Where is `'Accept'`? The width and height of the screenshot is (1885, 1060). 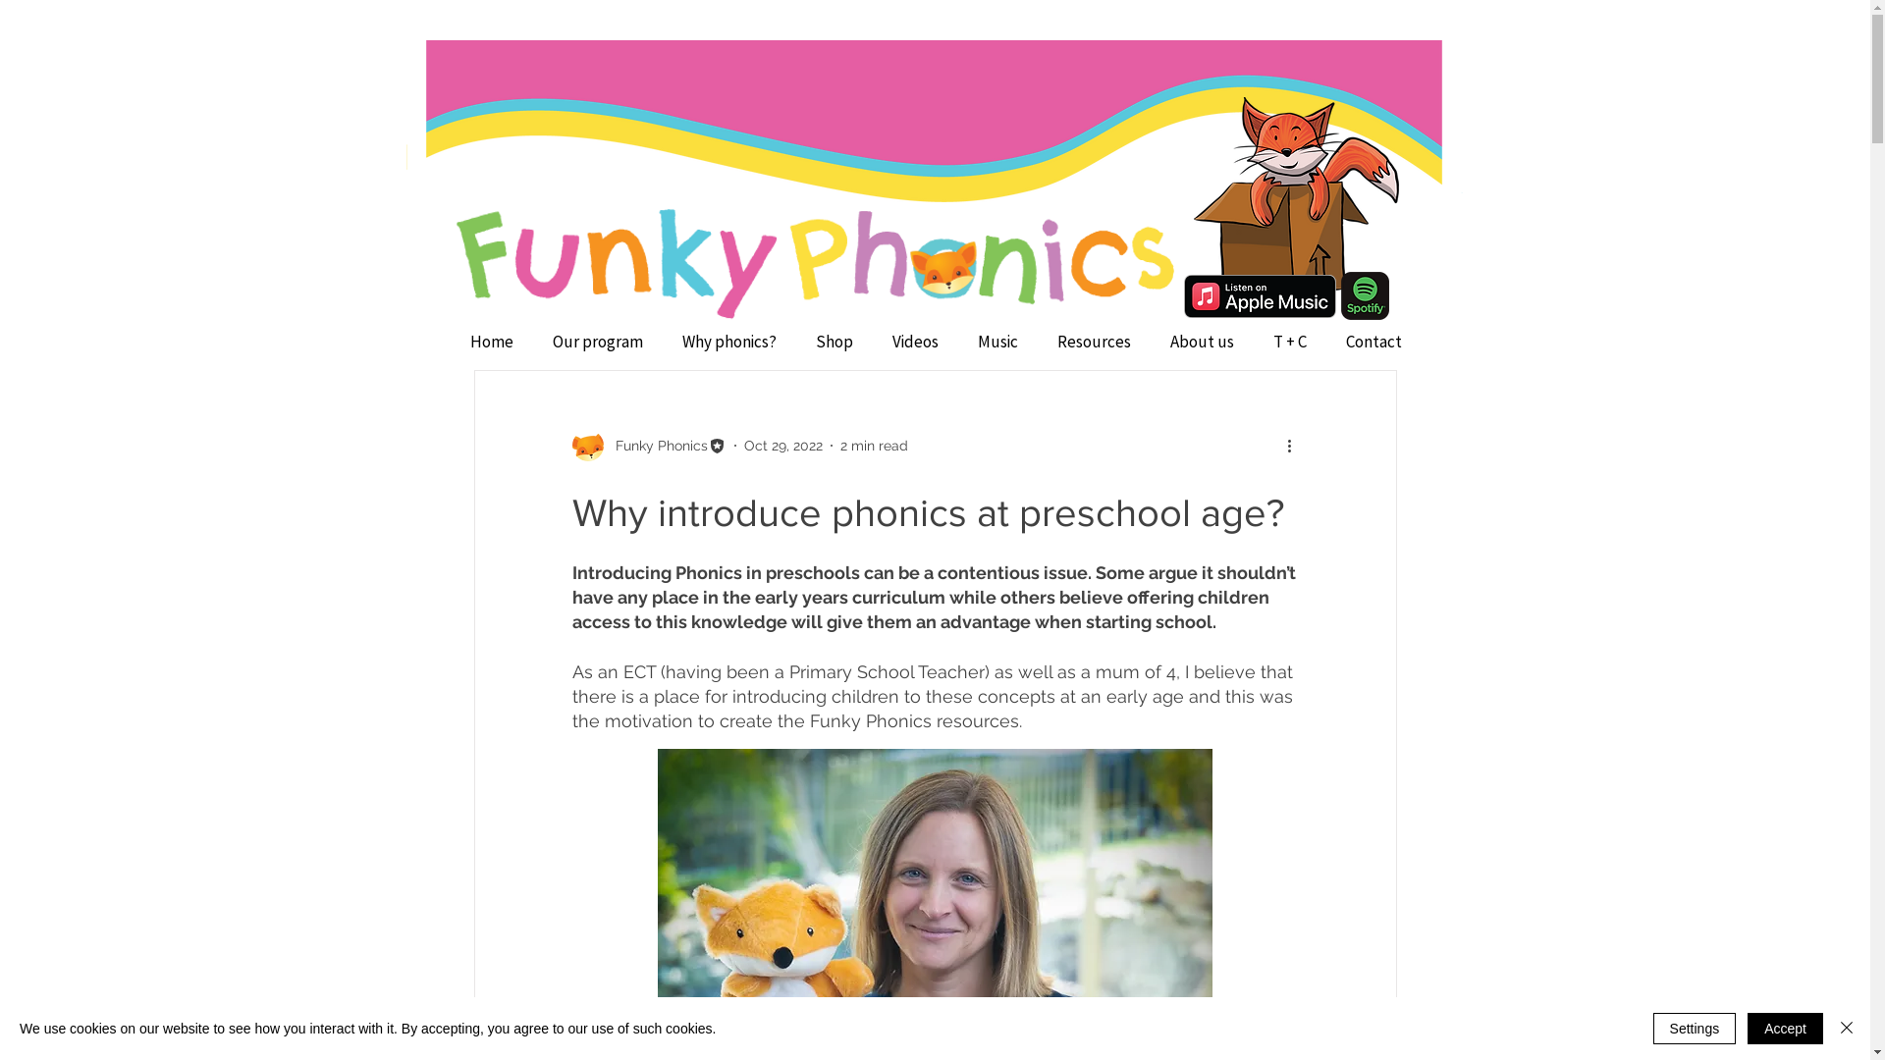
'Accept' is located at coordinates (1785, 1028).